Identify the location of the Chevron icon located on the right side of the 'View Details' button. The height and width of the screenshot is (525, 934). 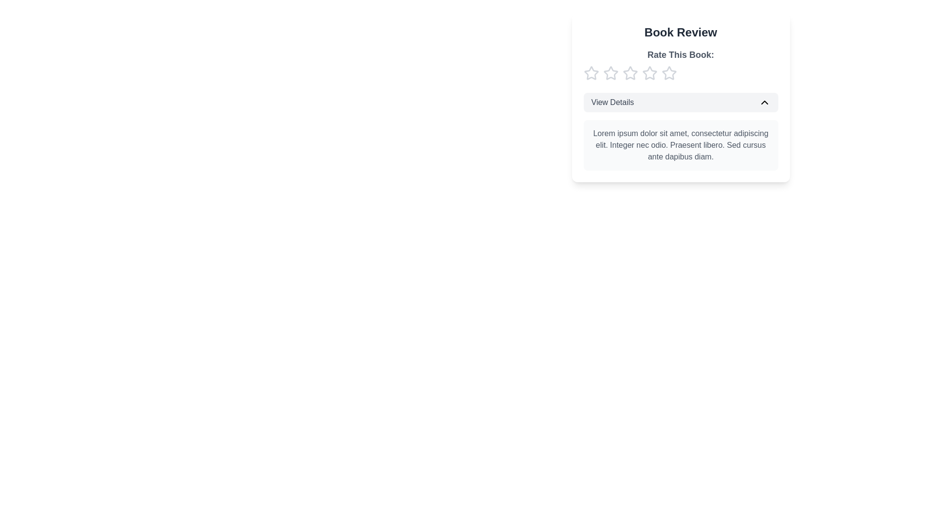
(764, 103).